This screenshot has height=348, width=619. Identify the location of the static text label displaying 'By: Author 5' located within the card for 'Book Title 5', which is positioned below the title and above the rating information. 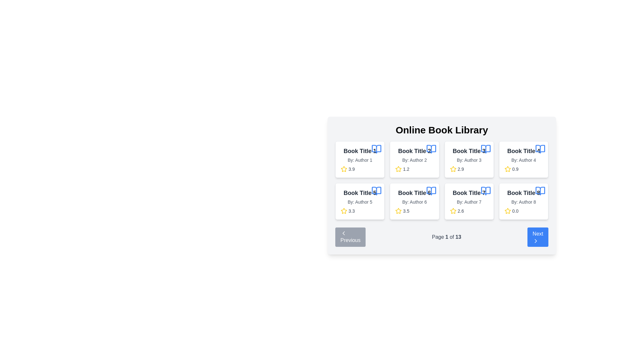
(359, 202).